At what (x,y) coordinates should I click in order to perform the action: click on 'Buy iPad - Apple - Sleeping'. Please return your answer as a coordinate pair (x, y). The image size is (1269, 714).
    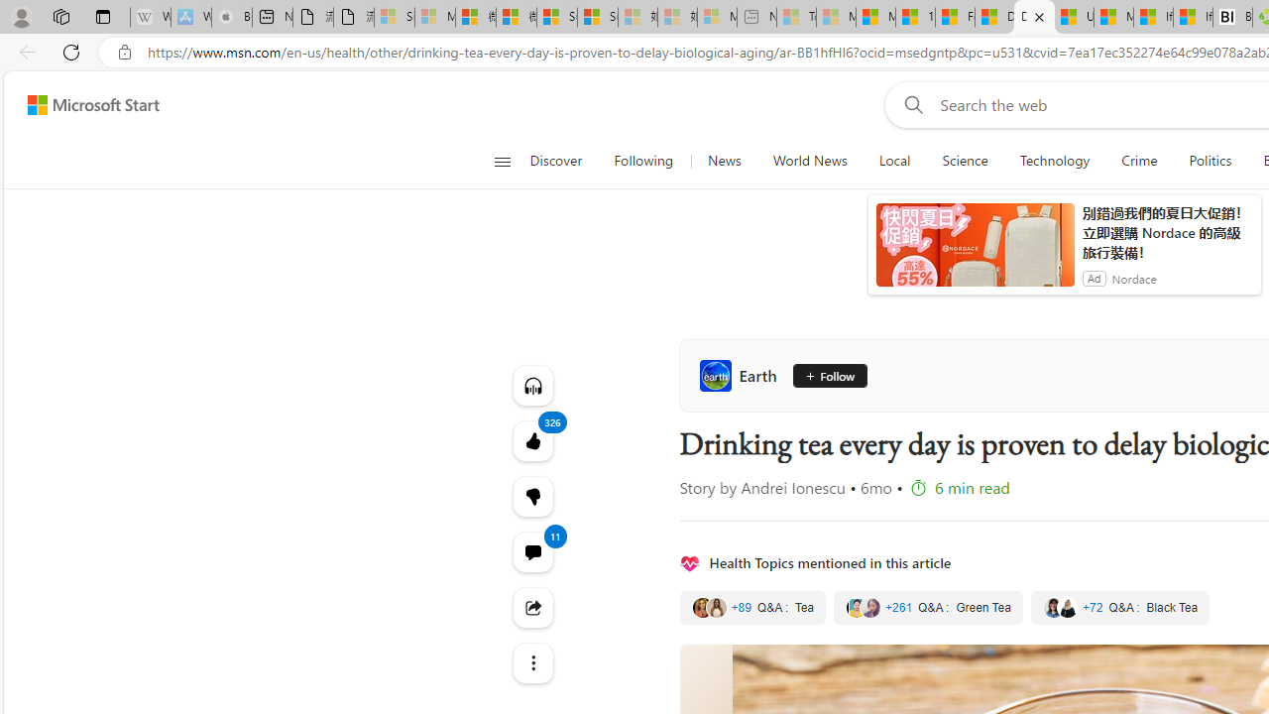
    Looking at the image, I should click on (231, 17).